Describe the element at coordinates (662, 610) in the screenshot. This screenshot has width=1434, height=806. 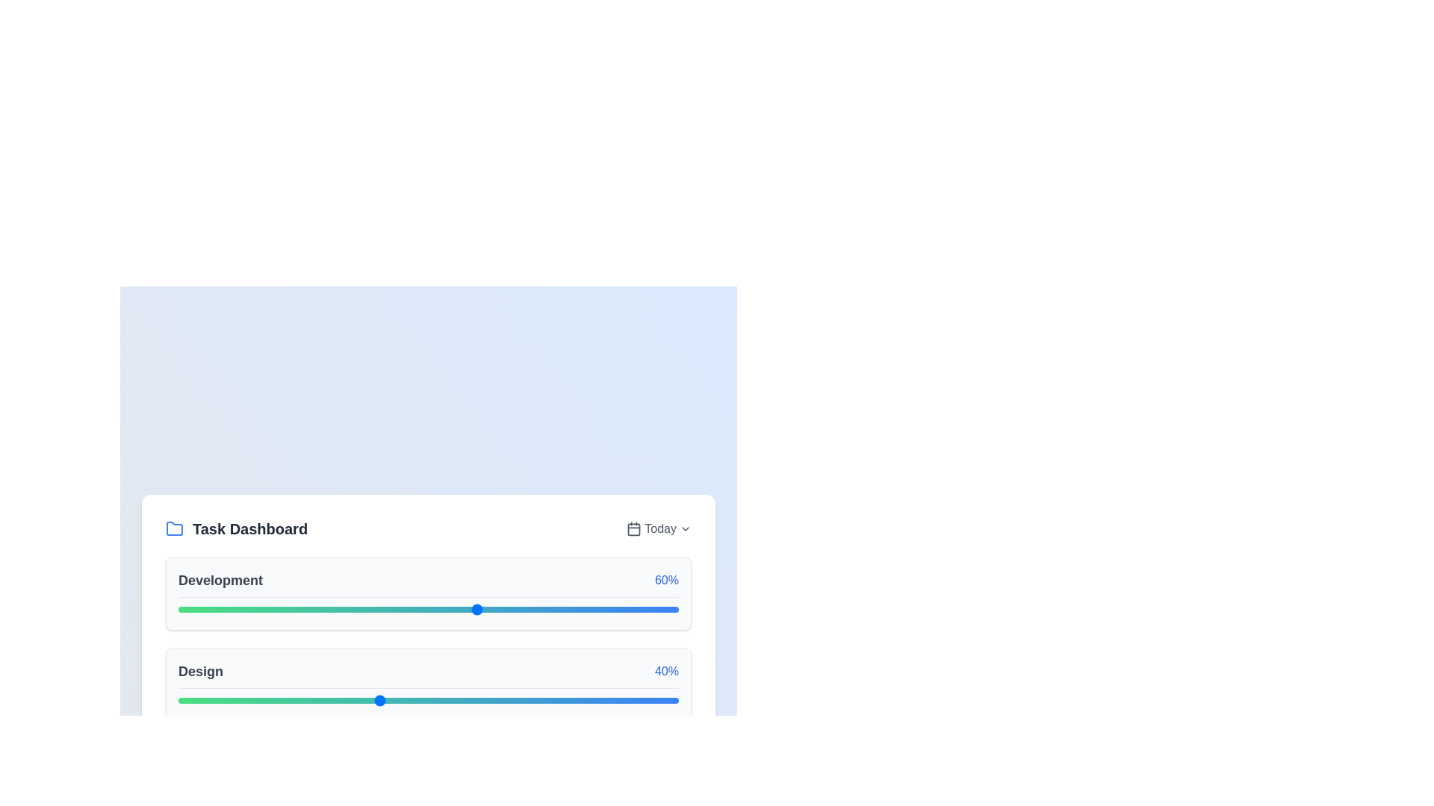
I see `the slider` at that location.